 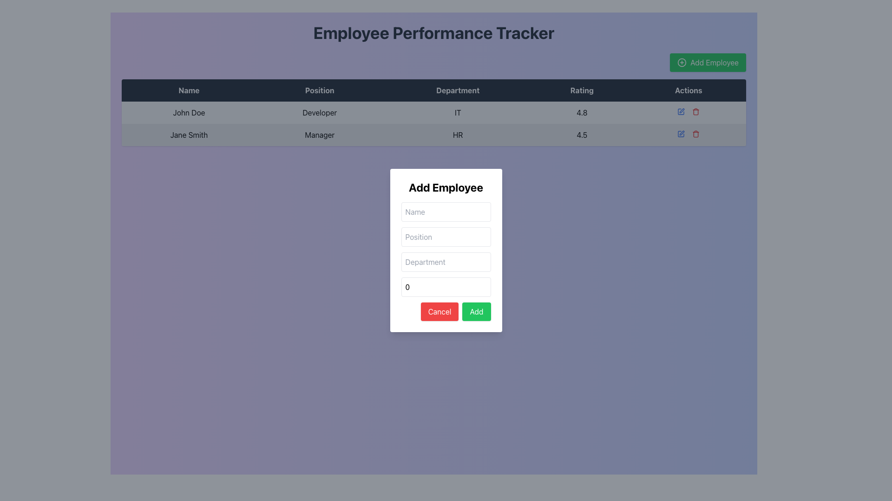 What do you see at coordinates (320, 90) in the screenshot?
I see `the 'Position' label, which is the second header in the row with a dark background and light-colored text, located between 'Name' and 'Department'` at bounding box center [320, 90].